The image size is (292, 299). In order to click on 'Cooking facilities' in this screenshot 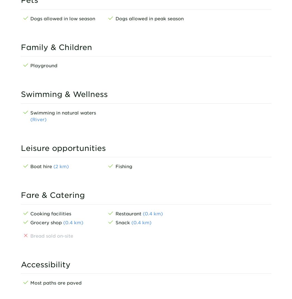, I will do `click(50, 213)`.